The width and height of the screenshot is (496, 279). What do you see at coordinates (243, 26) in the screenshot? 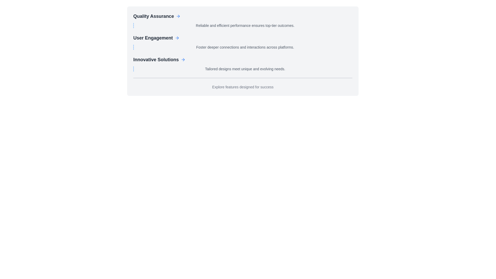
I see `the Text Label that provides descriptive text under the 'Quality Assurance' heading` at bounding box center [243, 26].